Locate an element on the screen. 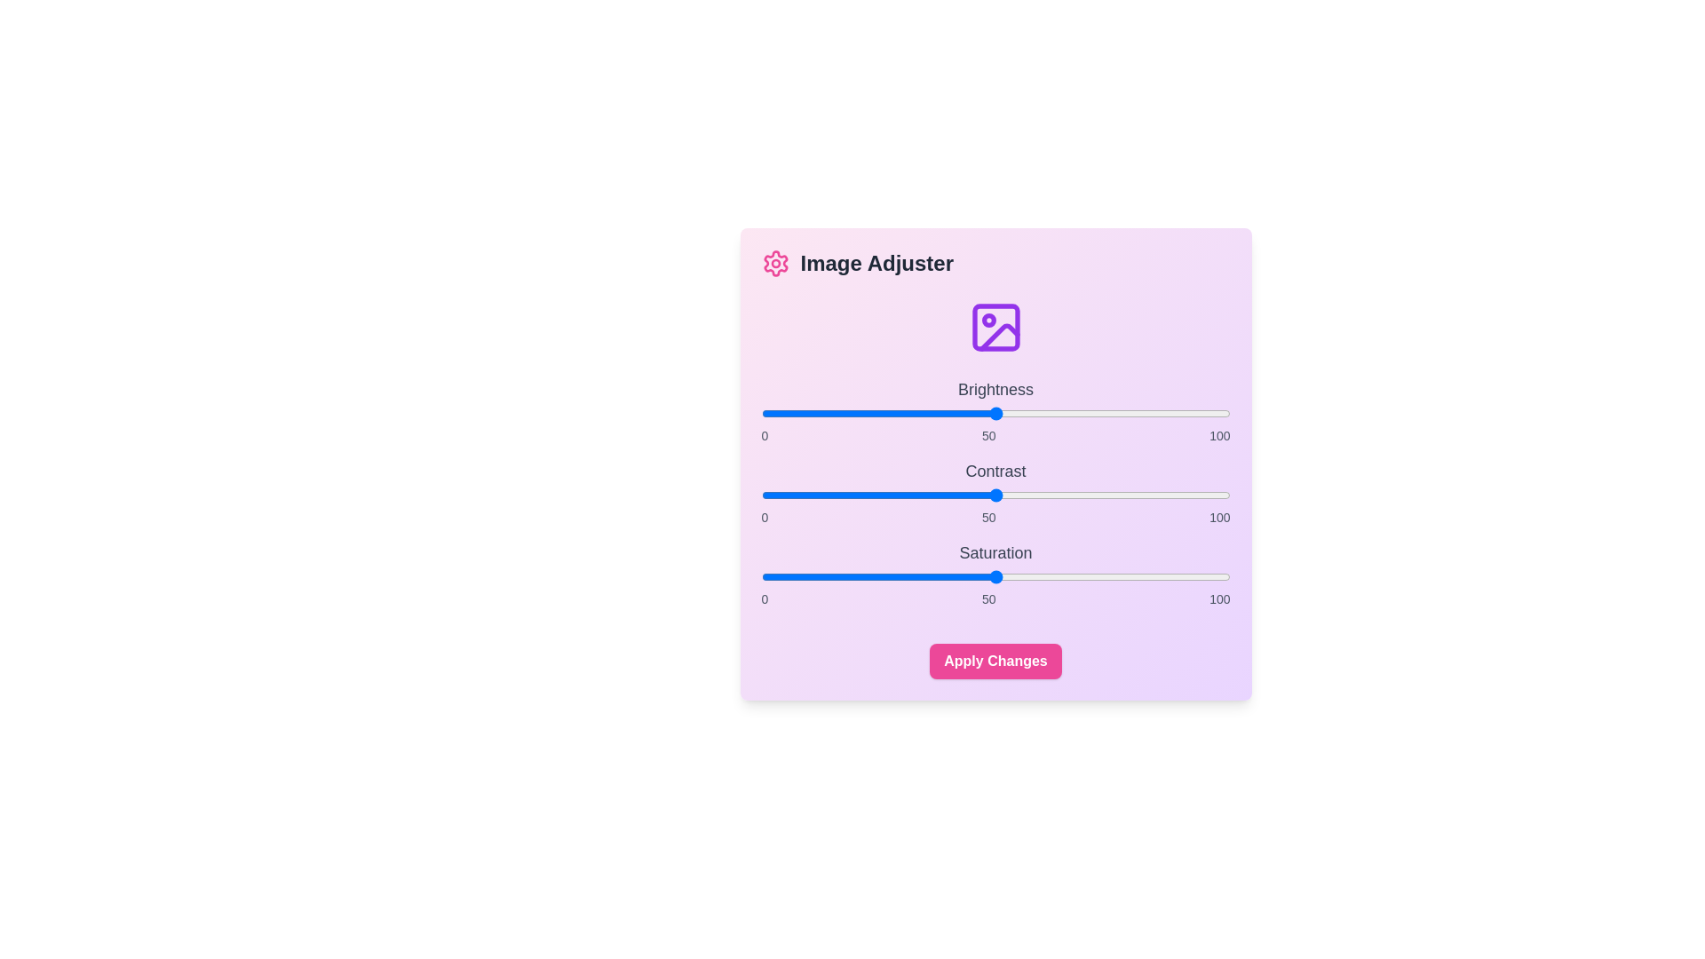  the brightness slider to 13 value is located at coordinates (821, 414).